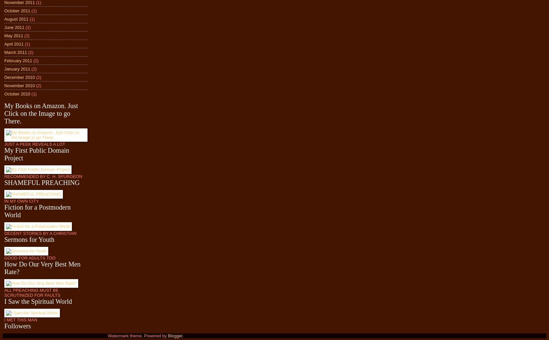 Image resolution: width=549 pixels, height=340 pixels. Describe the element at coordinates (17, 93) in the screenshot. I see `'October 2010'` at that location.